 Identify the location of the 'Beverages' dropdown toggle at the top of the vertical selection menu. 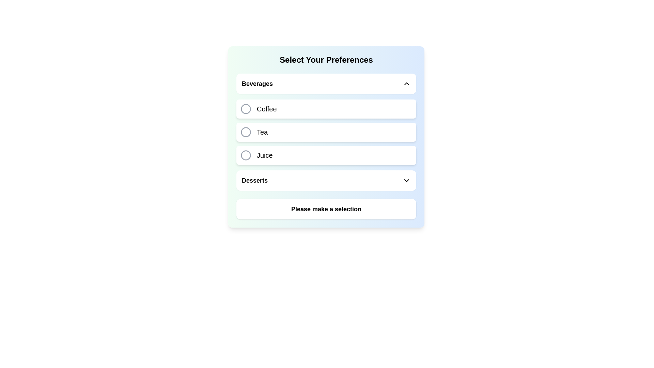
(326, 83).